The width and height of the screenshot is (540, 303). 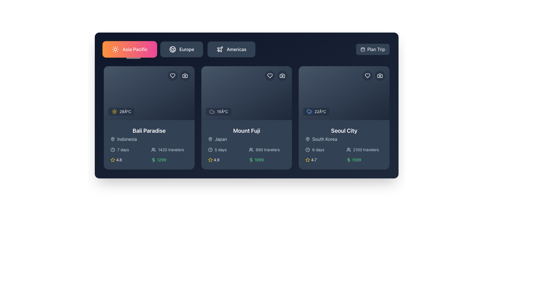 I want to click on the clock icon located to the left of the text '6 days' within the card for 'Seoul City.', so click(x=307, y=149).